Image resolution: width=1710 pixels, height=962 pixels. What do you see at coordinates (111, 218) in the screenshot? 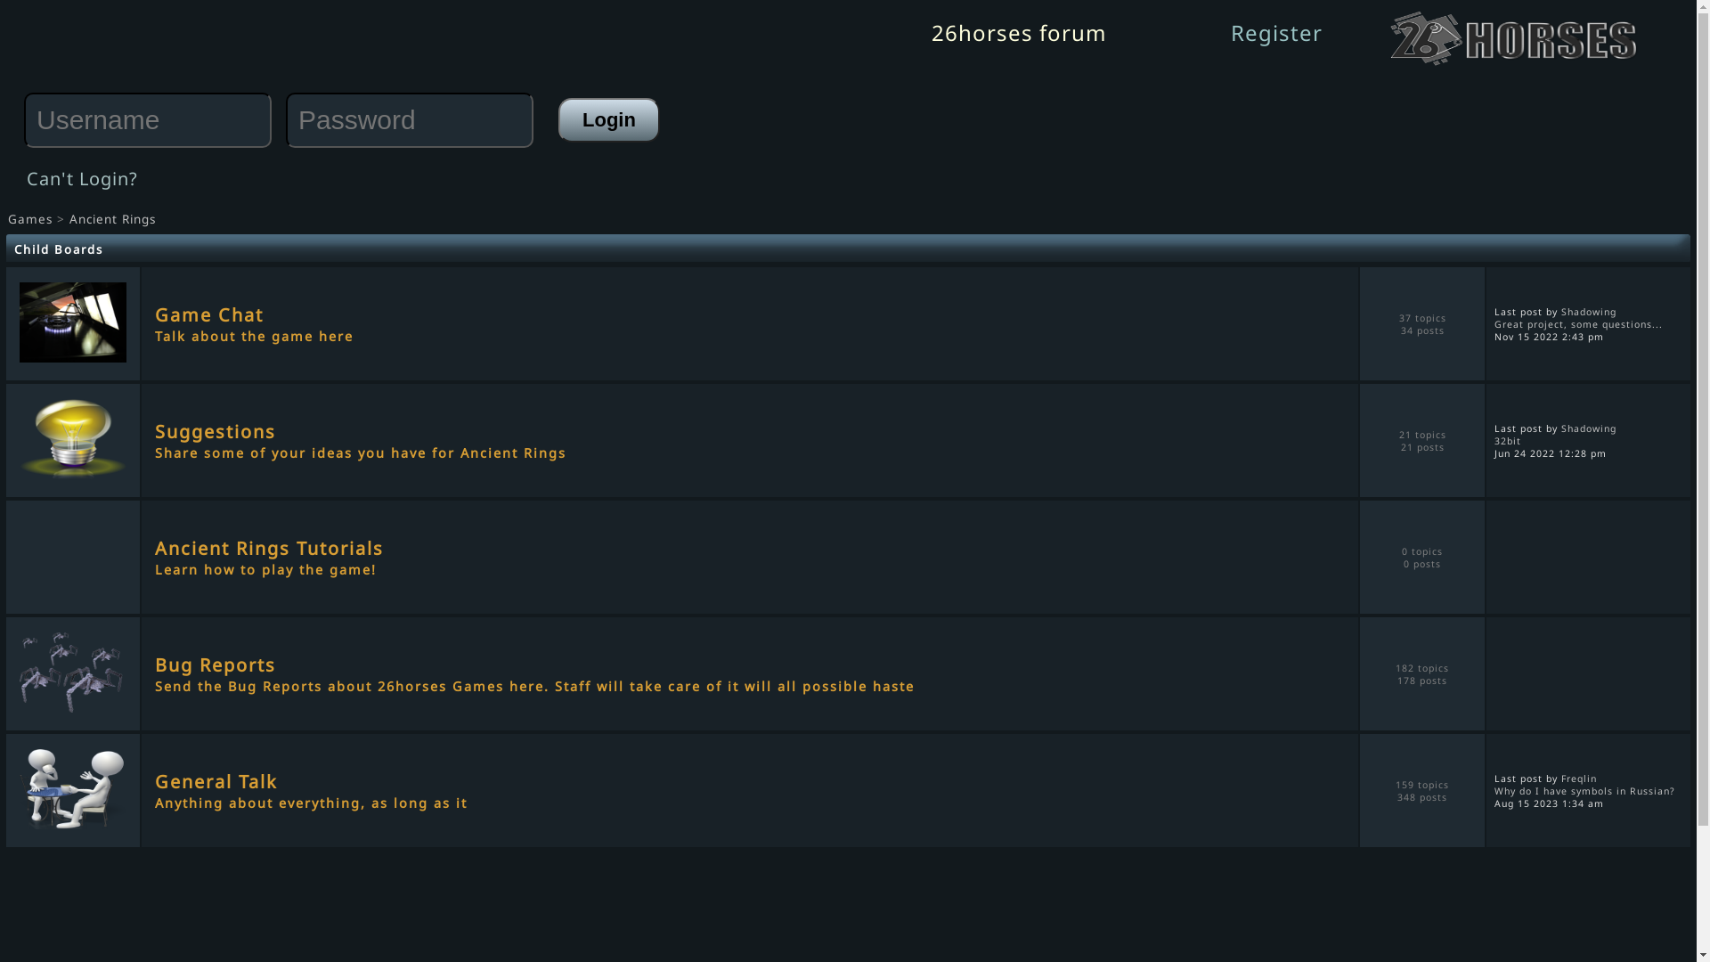
I see `'Ancient Rings'` at bounding box center [111, 218].